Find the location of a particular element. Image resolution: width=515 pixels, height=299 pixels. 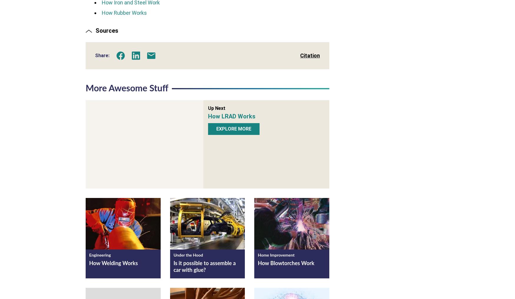

'Home Improvement' is located at coordinates (276, 255).